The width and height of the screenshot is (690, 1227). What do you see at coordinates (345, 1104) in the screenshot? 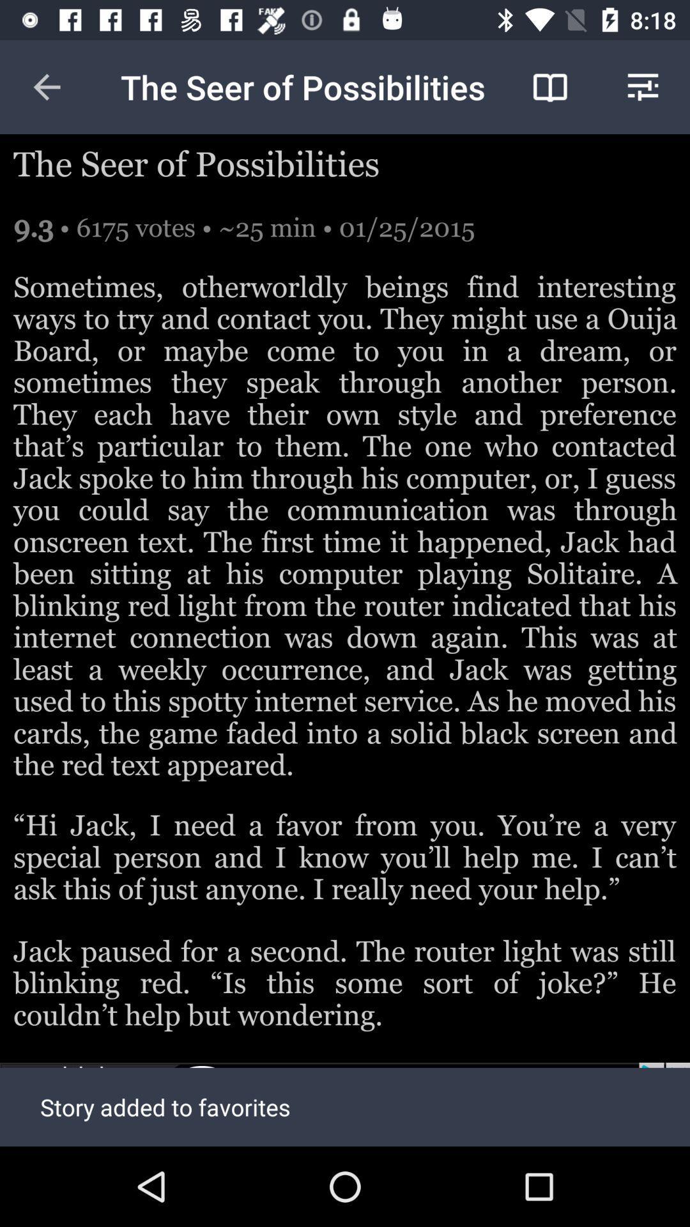
I see `story added to favorites` at bounding box center [345, 1104].